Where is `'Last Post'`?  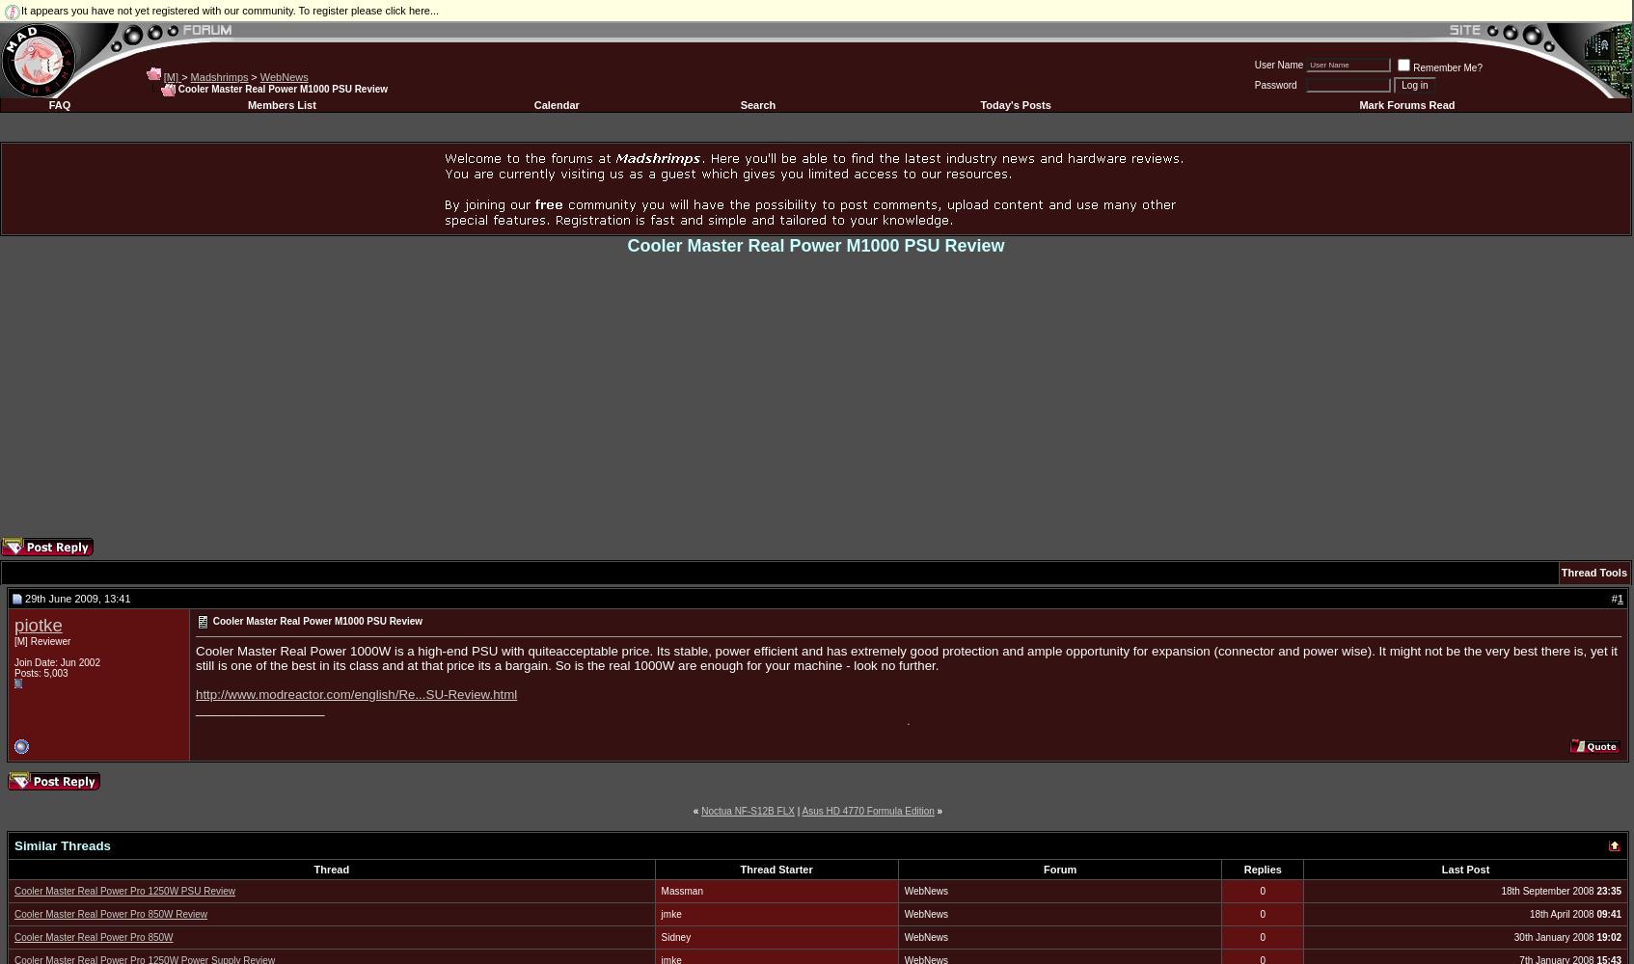 'Last Post' is located at coordinates (1465, 869).